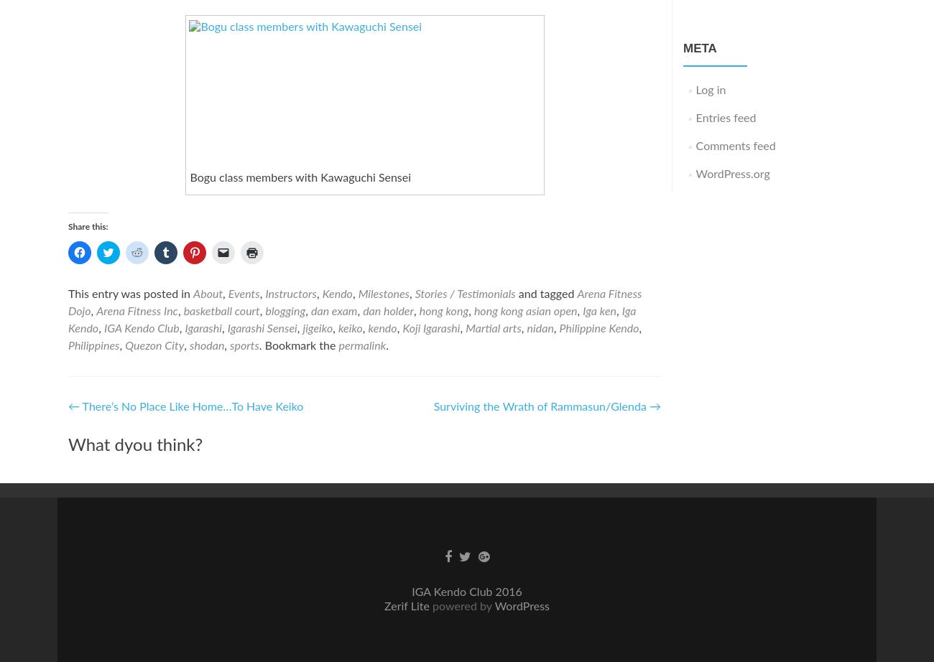  Describe the element at coordinates (208, 292) in the screenshot. I see `'About'` at that location.